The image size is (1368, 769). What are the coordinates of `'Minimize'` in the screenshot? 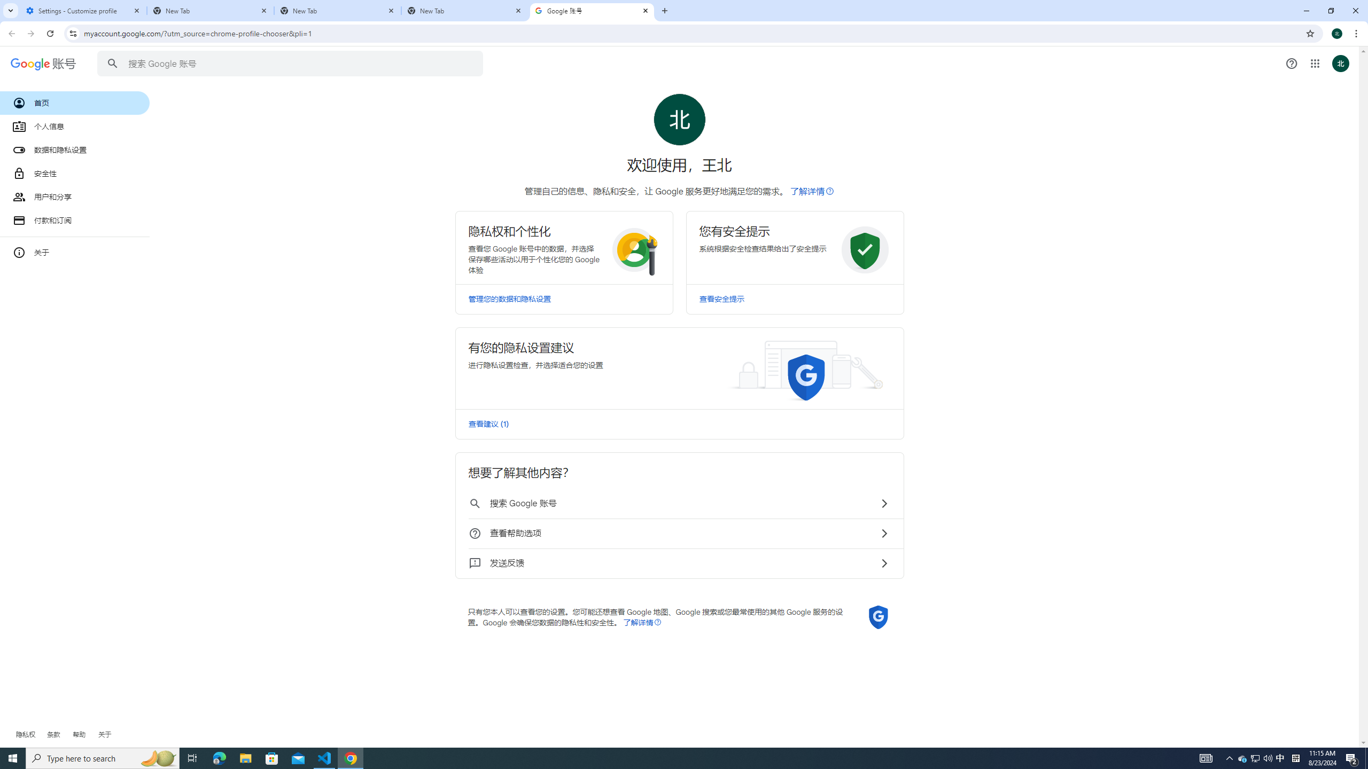 It's located at (1305, 10).